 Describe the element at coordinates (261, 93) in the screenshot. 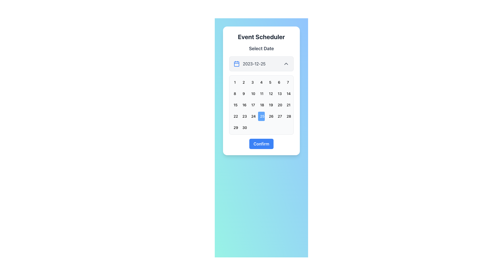

I see `the button` at that location.